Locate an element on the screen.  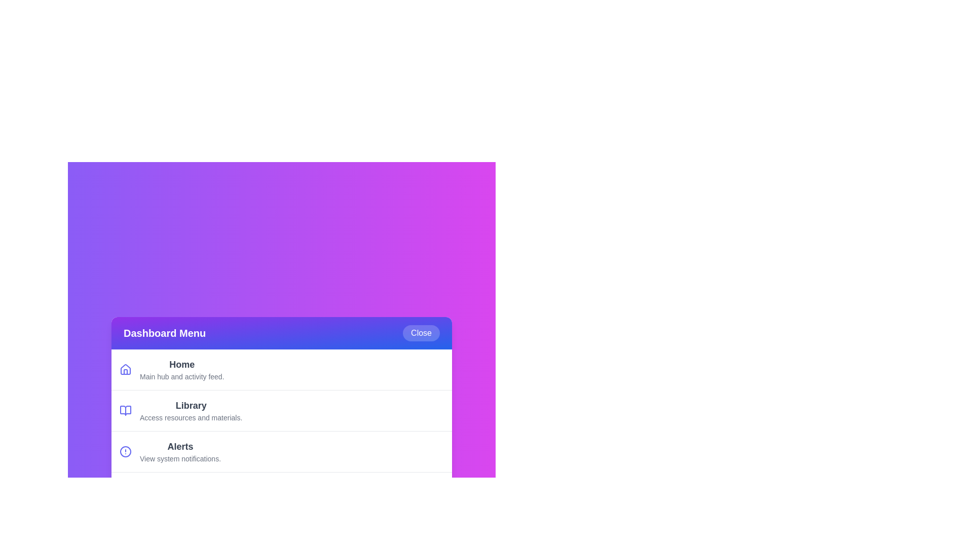
the icon associated with the menu item Home is located at coordinates (125, 369).